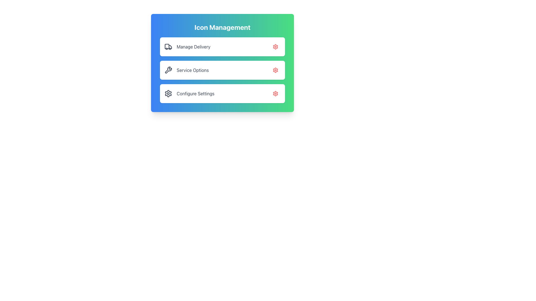 This screenshot has height=301, width=536. What do you see at coordinates (276, 93) in the screenshot?
I see `the gear icon located in the 'Configure Settings' button to initiate a settings-related action` at bounding box center [276, 93].